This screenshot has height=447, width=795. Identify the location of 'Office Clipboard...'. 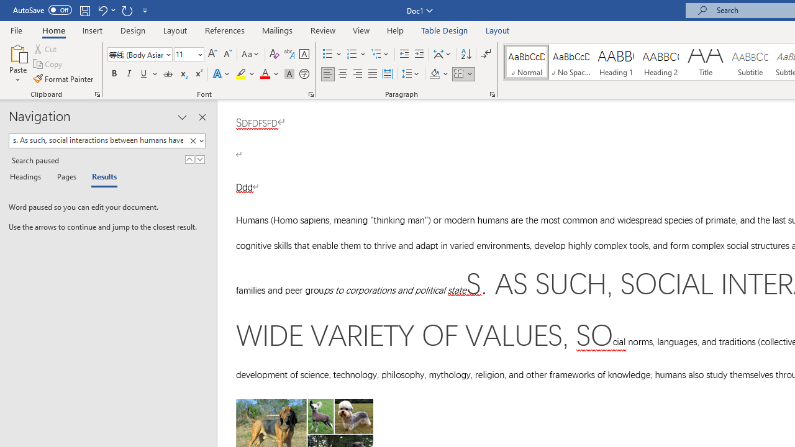
(96, 93).